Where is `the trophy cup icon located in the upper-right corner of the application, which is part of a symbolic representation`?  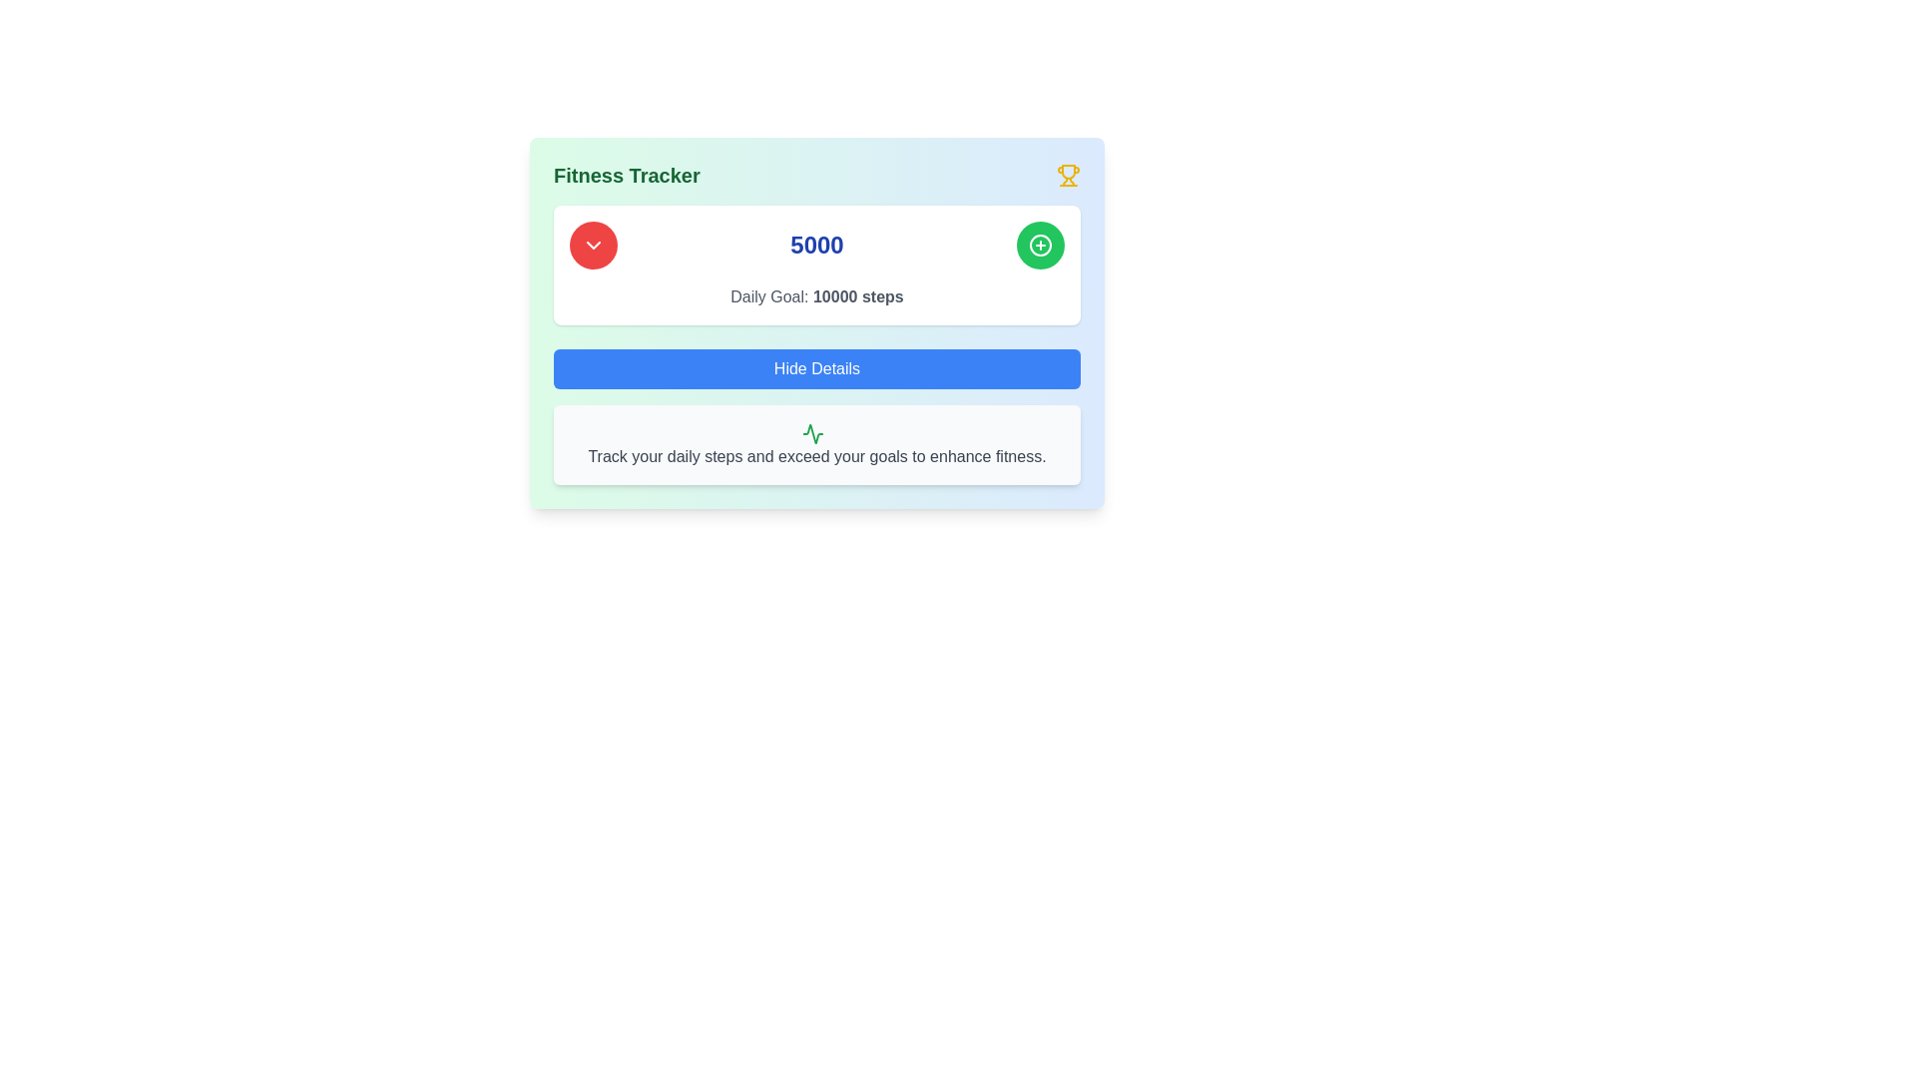
the trophy cup icon located in the upper-right corner of the application, which is part of a symbolic representation is located at coordinates (1067, 171).